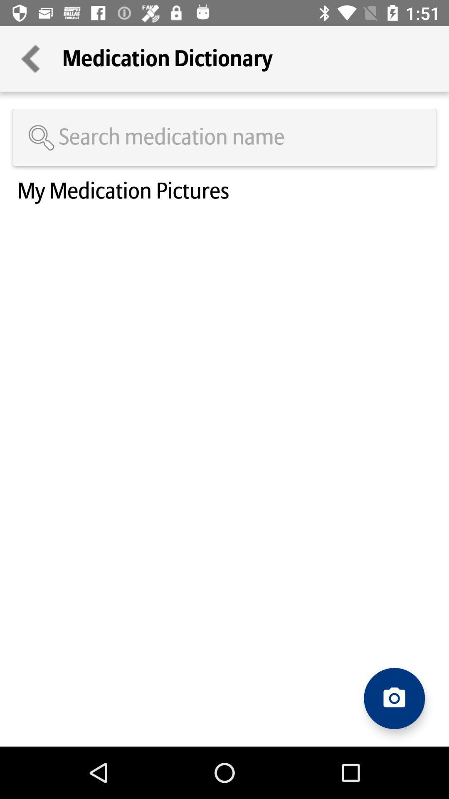 The image size is (449, 799). What do you see at coordinates (394, 698) in the screenshot?
I see `icon at the bottom right corner` at bounding box center [394, 698].